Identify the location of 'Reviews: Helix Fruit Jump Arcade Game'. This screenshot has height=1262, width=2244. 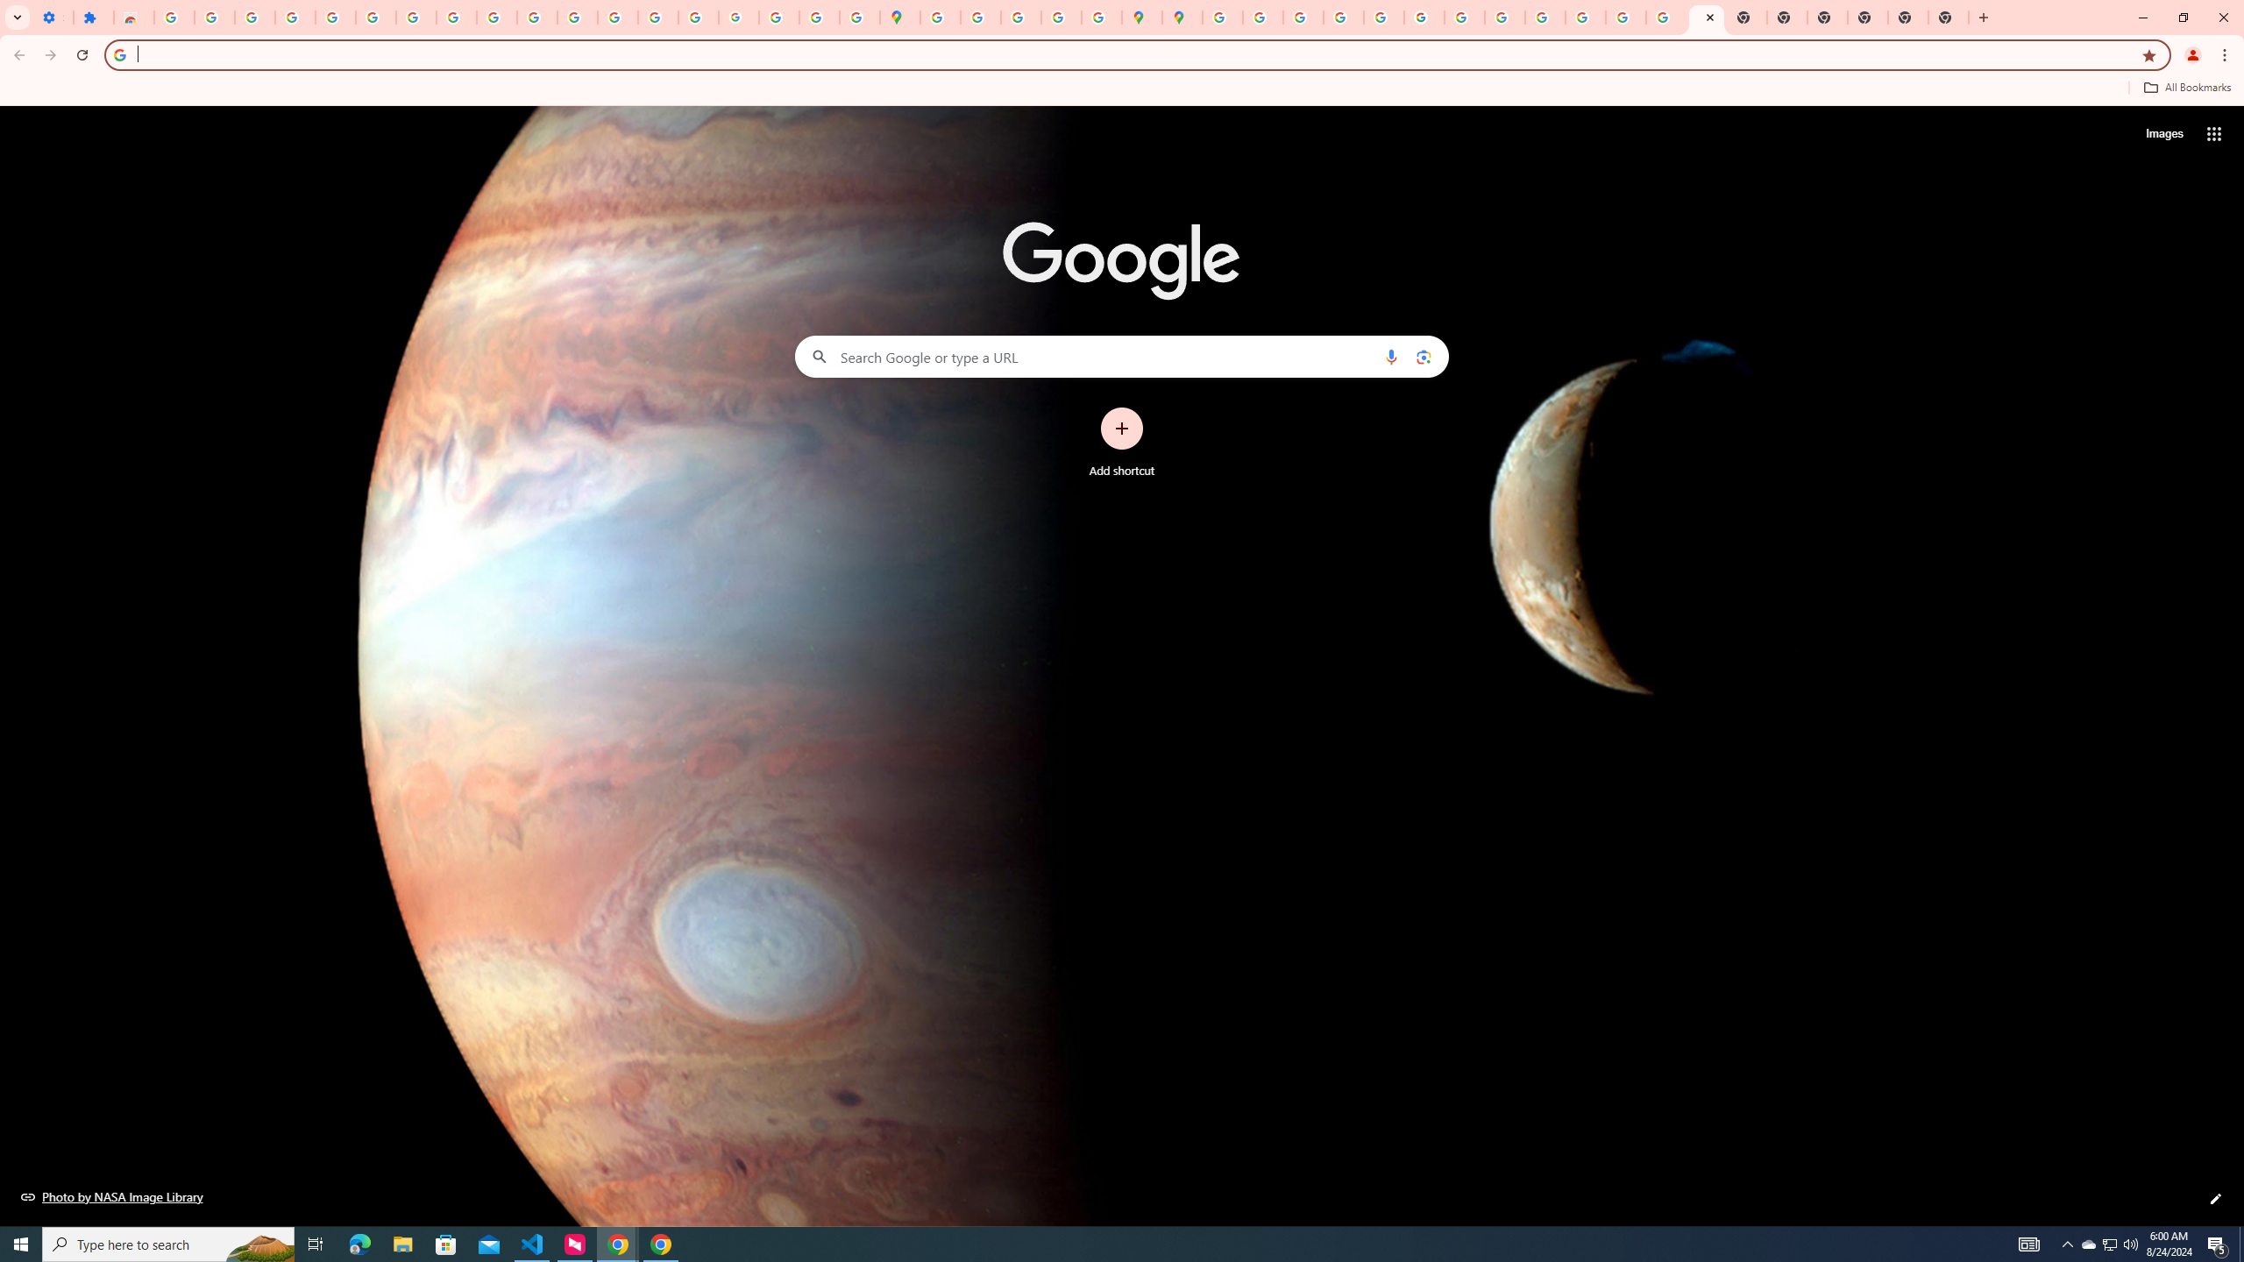
(132, 17).